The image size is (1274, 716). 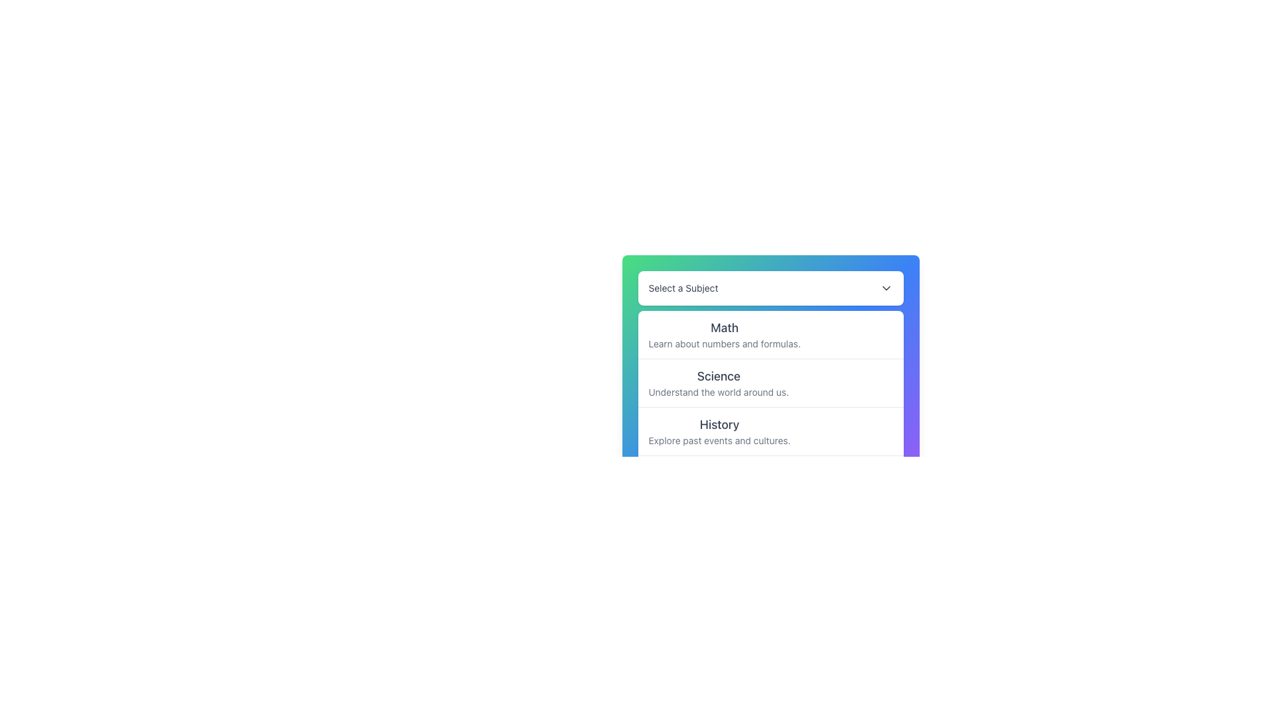 I want to click on the 'History' option in the dropdown selection menu, so click(x=719, y=432).